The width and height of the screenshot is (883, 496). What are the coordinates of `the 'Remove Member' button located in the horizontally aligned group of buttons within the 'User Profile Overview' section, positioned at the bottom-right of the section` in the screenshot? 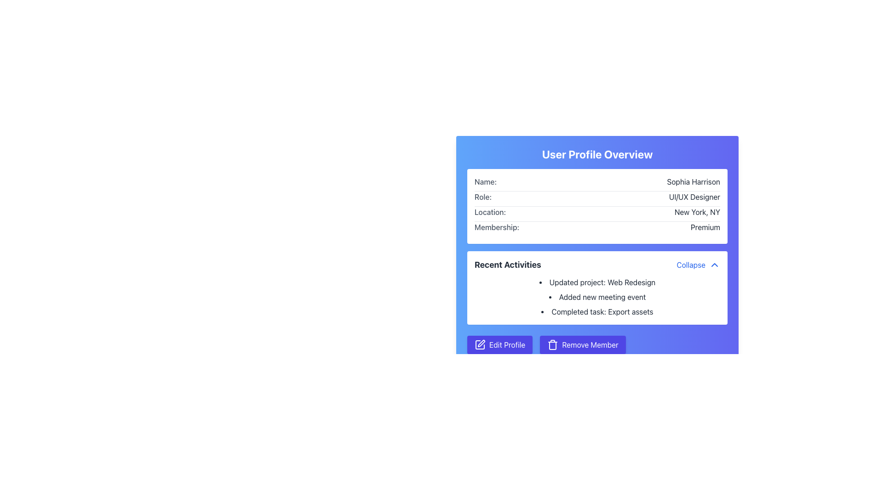 It's located at (597, 345).